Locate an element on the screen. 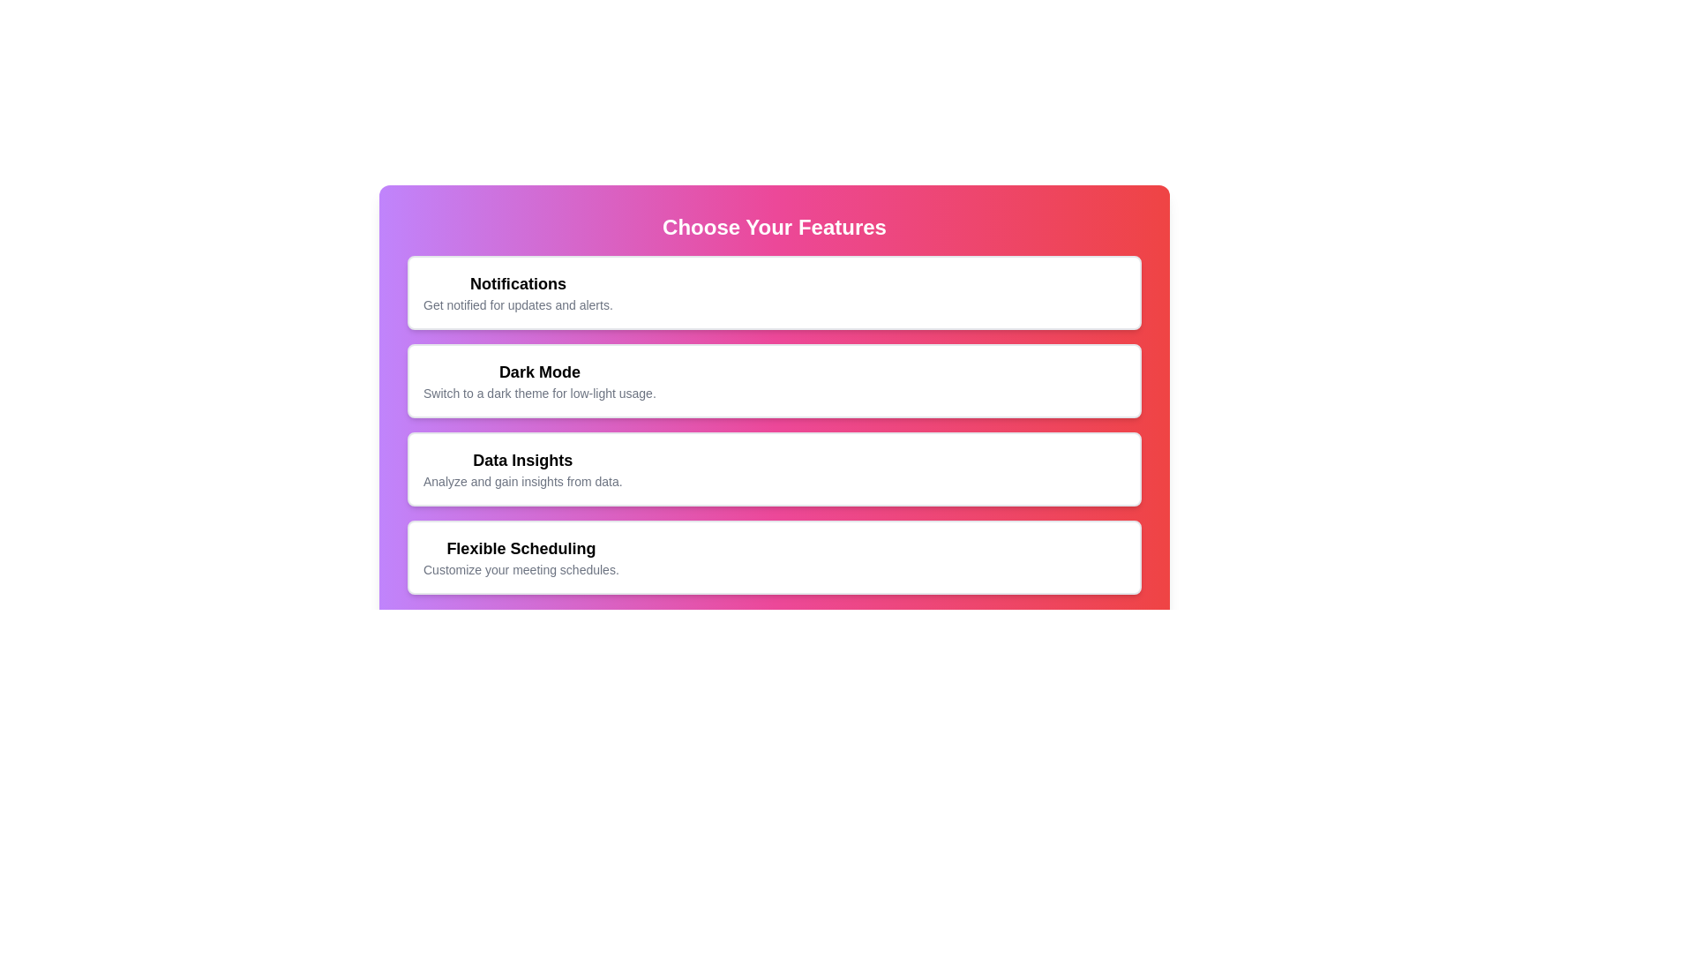 The height and width of the screenshot is (953, 1694). the Text Label that introduces the functionality related to enabling dark mode, which is centrally aligned in the second white rectangular feature section under the 'Notifications' section is located at coordinates (538, 371).